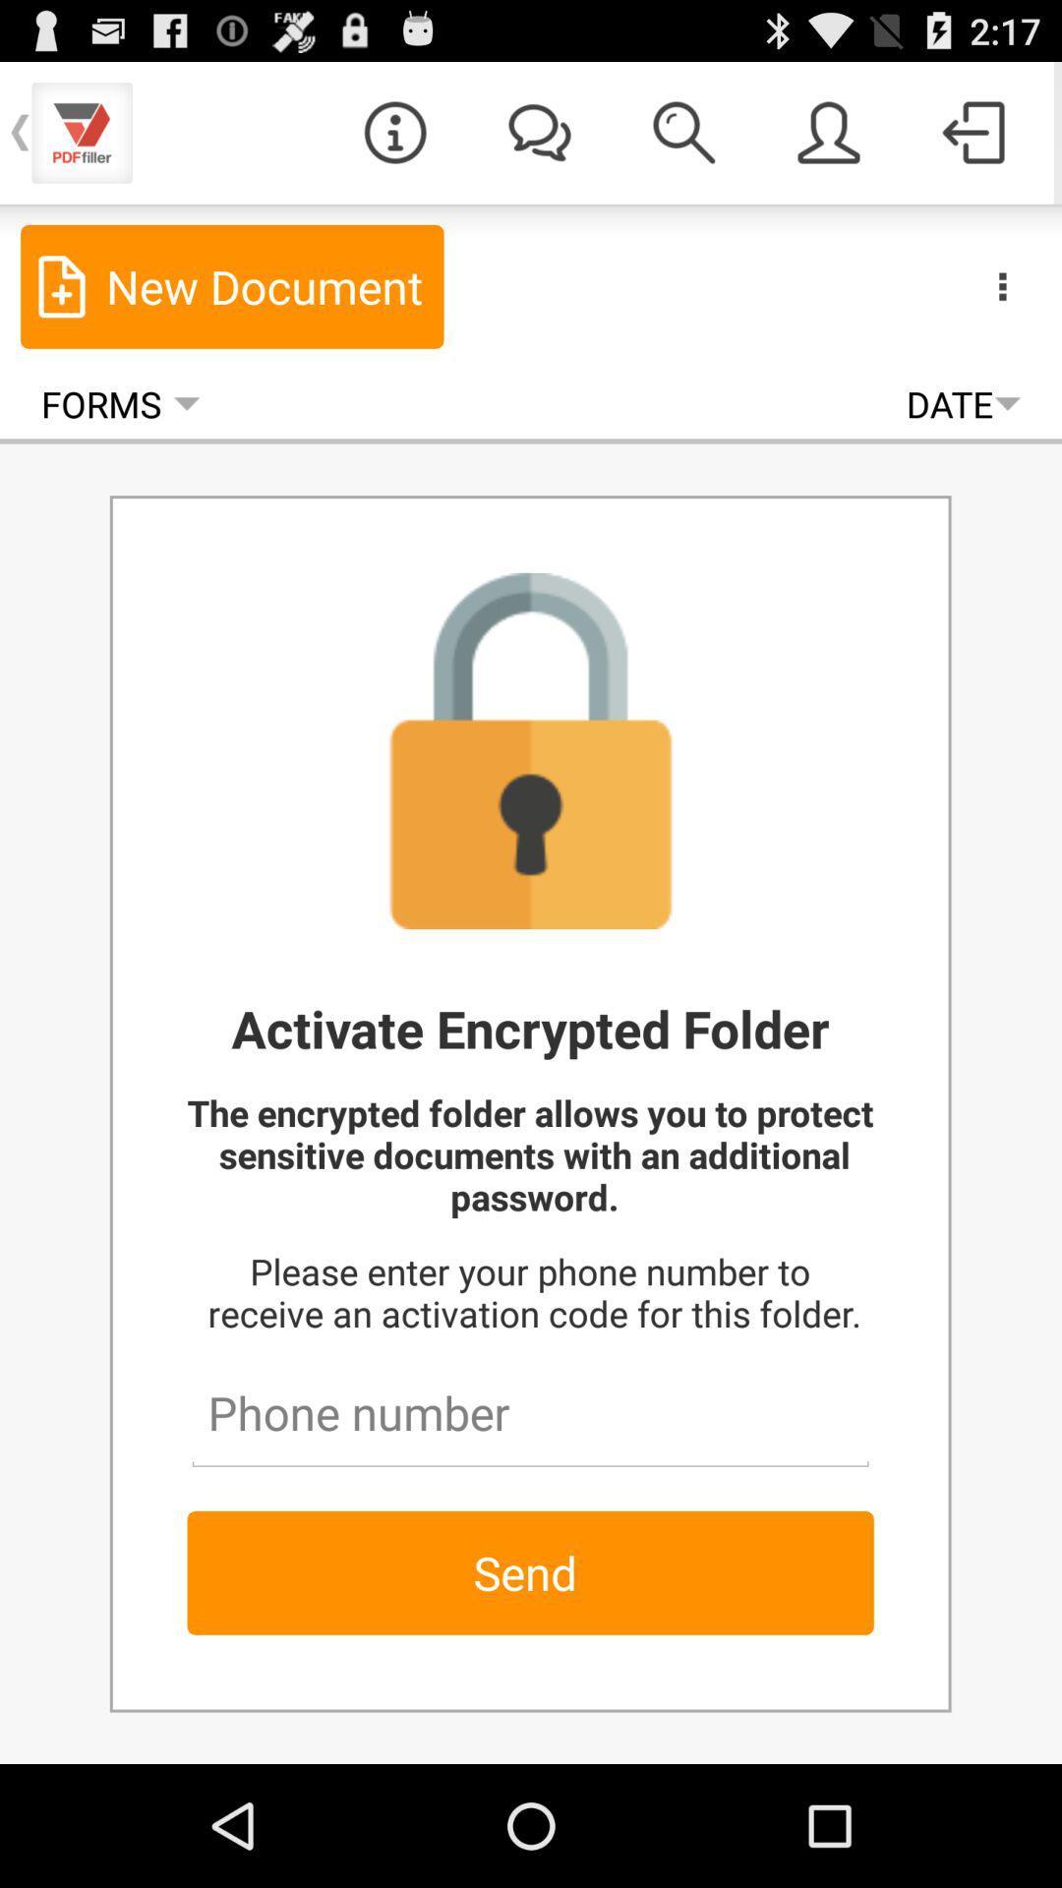  Describe the element at coordinates (962, 403) in the screenshot. I see `date` at that location.